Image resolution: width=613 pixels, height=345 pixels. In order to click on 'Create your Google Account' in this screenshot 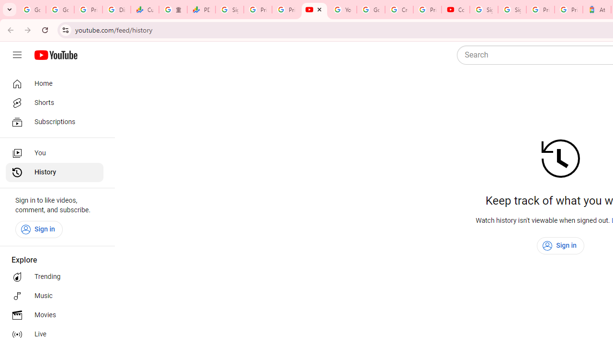, I will do `click(399, 10)`.